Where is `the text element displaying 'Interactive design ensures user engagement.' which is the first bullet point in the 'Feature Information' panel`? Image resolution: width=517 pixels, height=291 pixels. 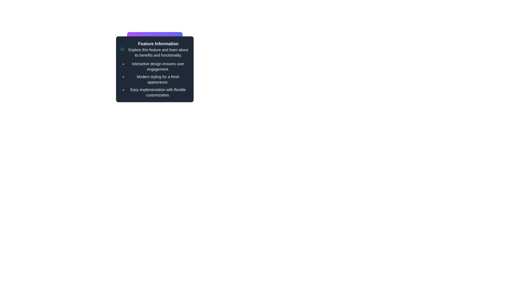 the text element displaying 'Interactive design ensures user engagement.' which is the first bullet point in the 'Feature Information' panel is located at coordinates (158, 66).